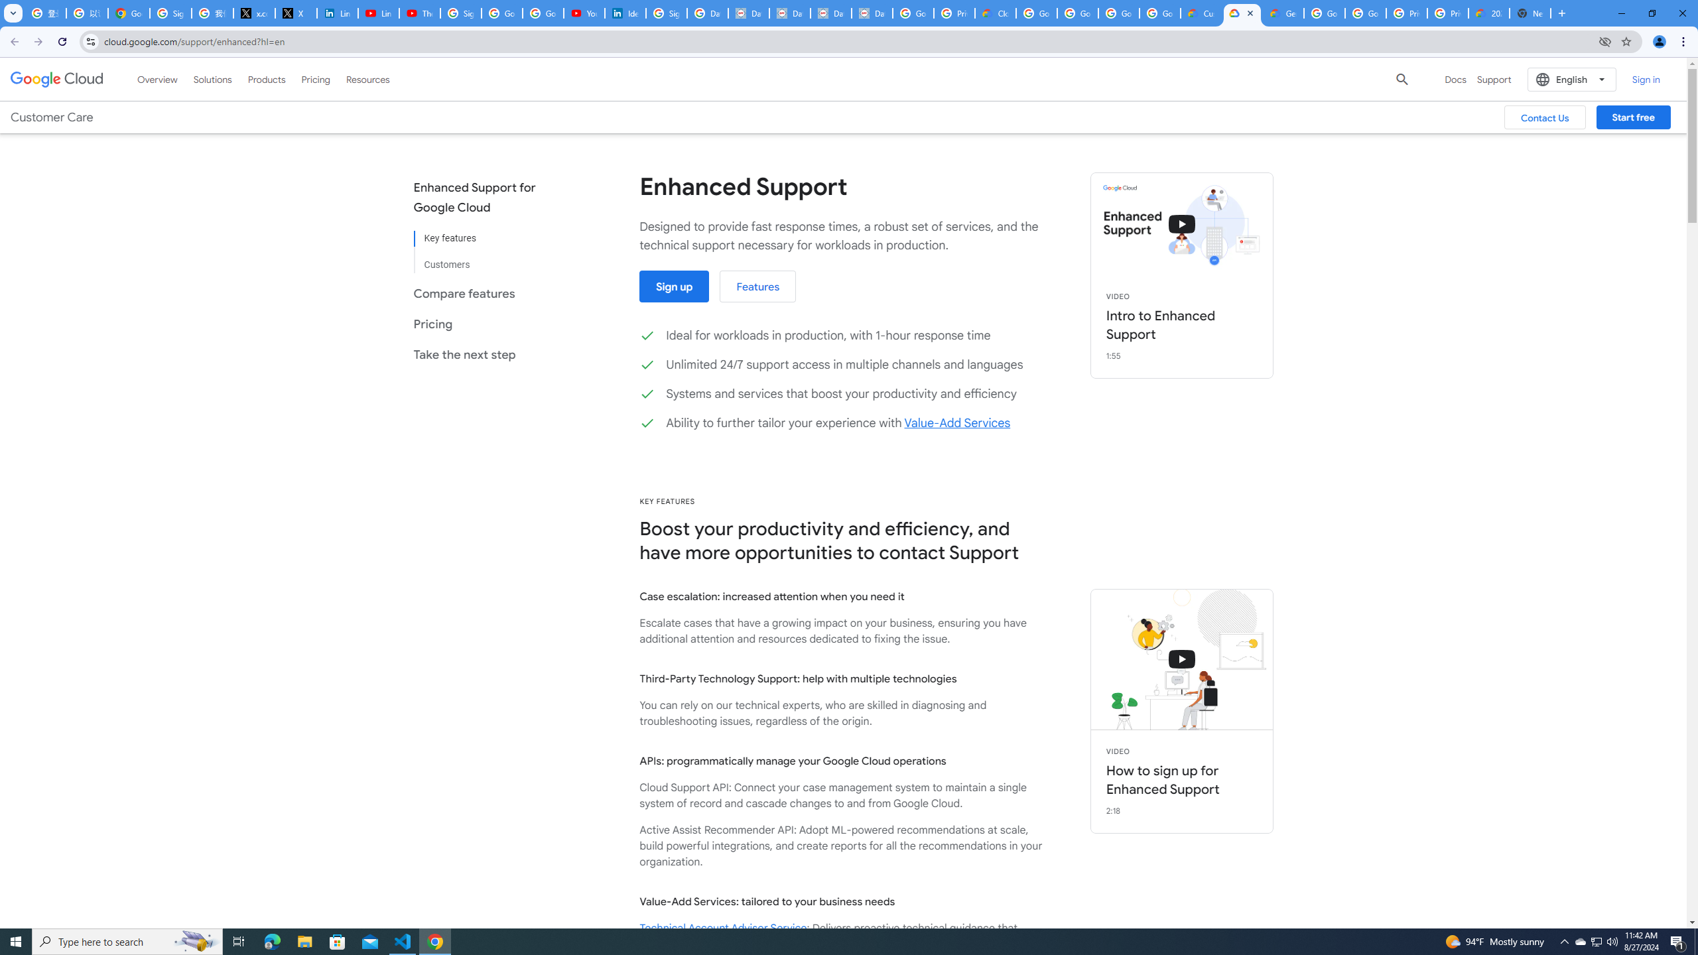  What do you see at coordinates (378, 13) in the screenshot?
I see `'LinkedIn - YouTube'` at bounding box center [378, 13].